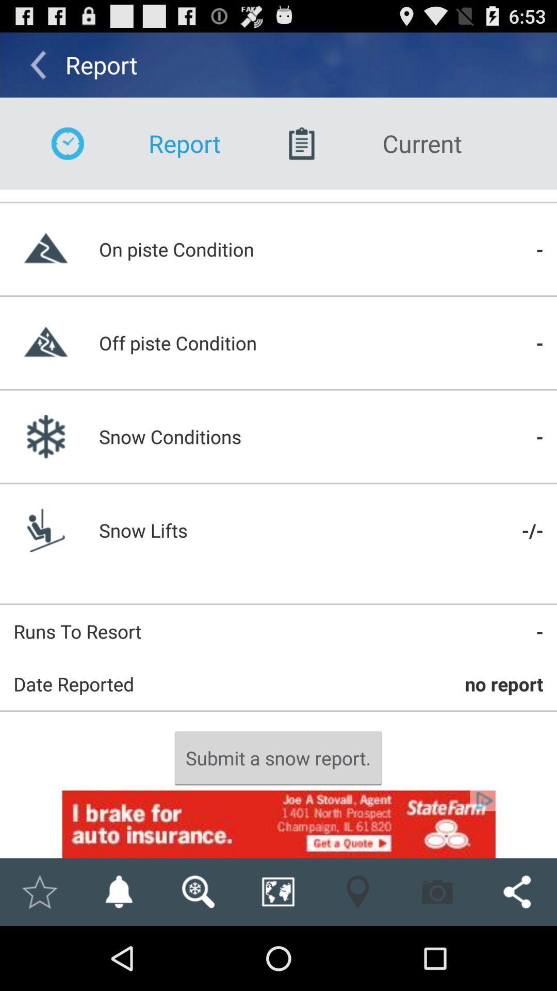 This screenshot has width=557, height=991. Describe the element at coordinates (39, 954) in the screenshot. I see `the star icon` at that location.